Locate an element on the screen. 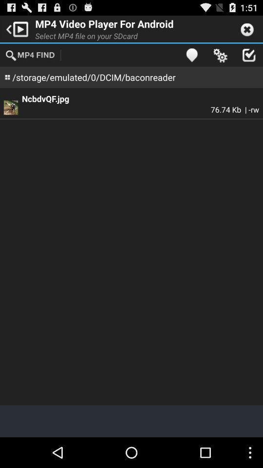  the settings icon is located at coordinates (220, 58).